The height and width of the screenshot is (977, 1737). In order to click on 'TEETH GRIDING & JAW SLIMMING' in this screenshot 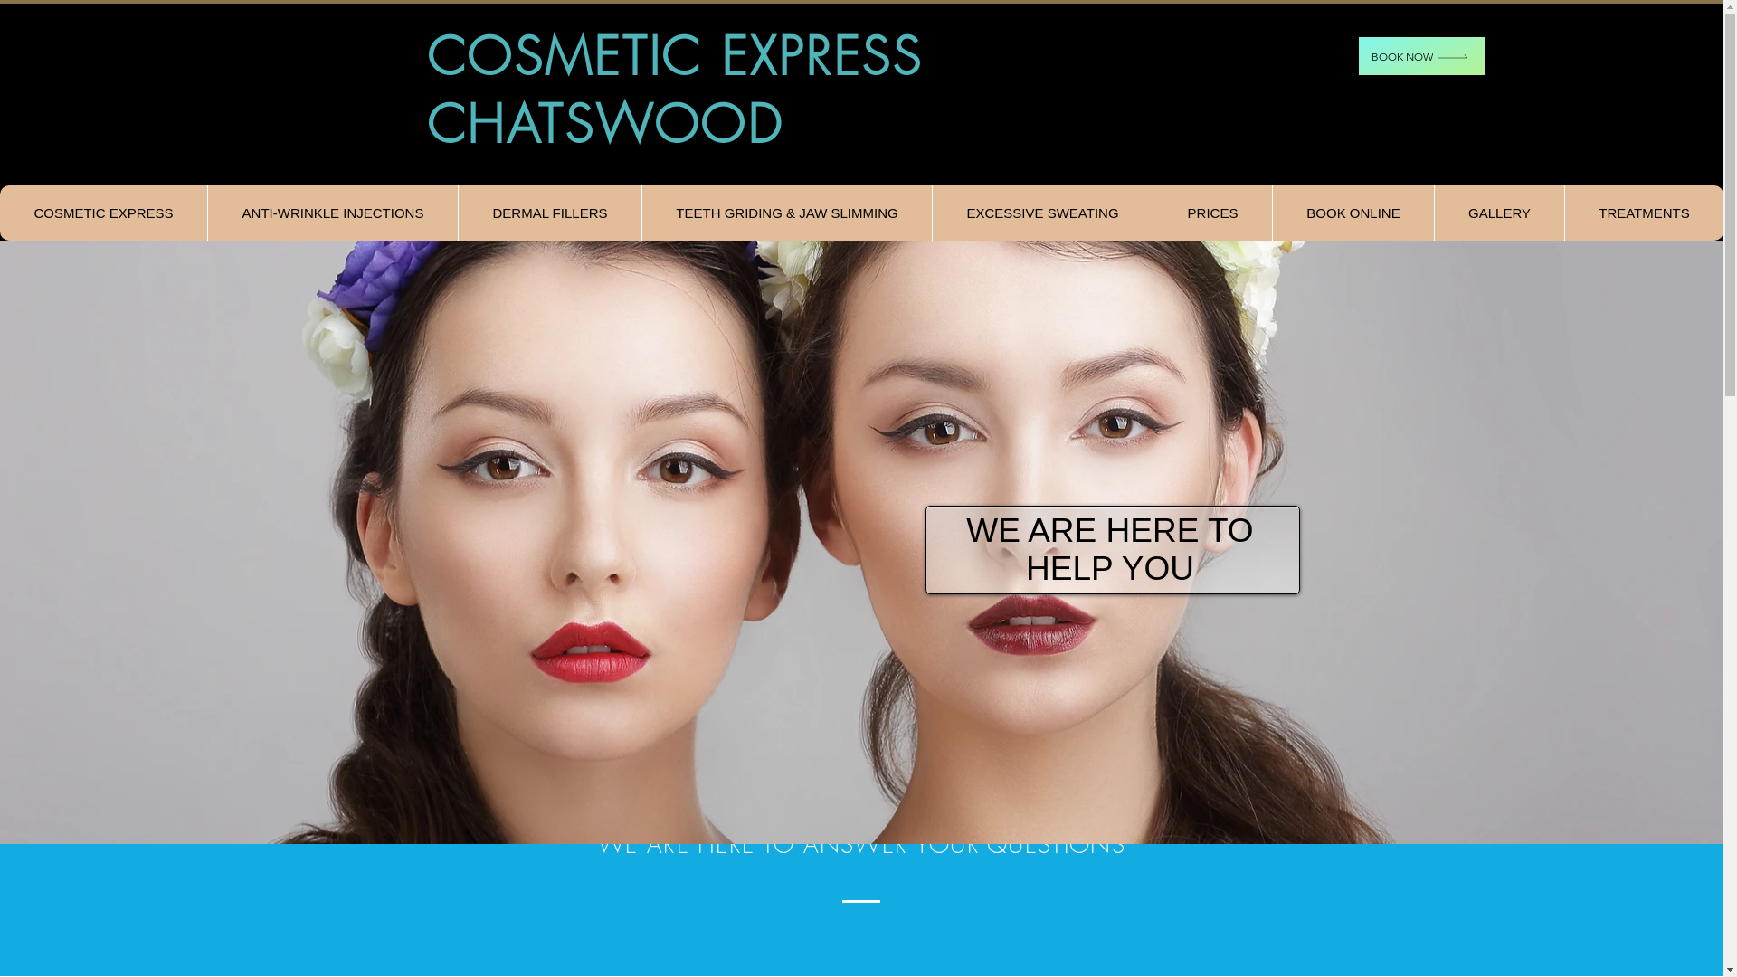, I will do `click(786, 212)`.